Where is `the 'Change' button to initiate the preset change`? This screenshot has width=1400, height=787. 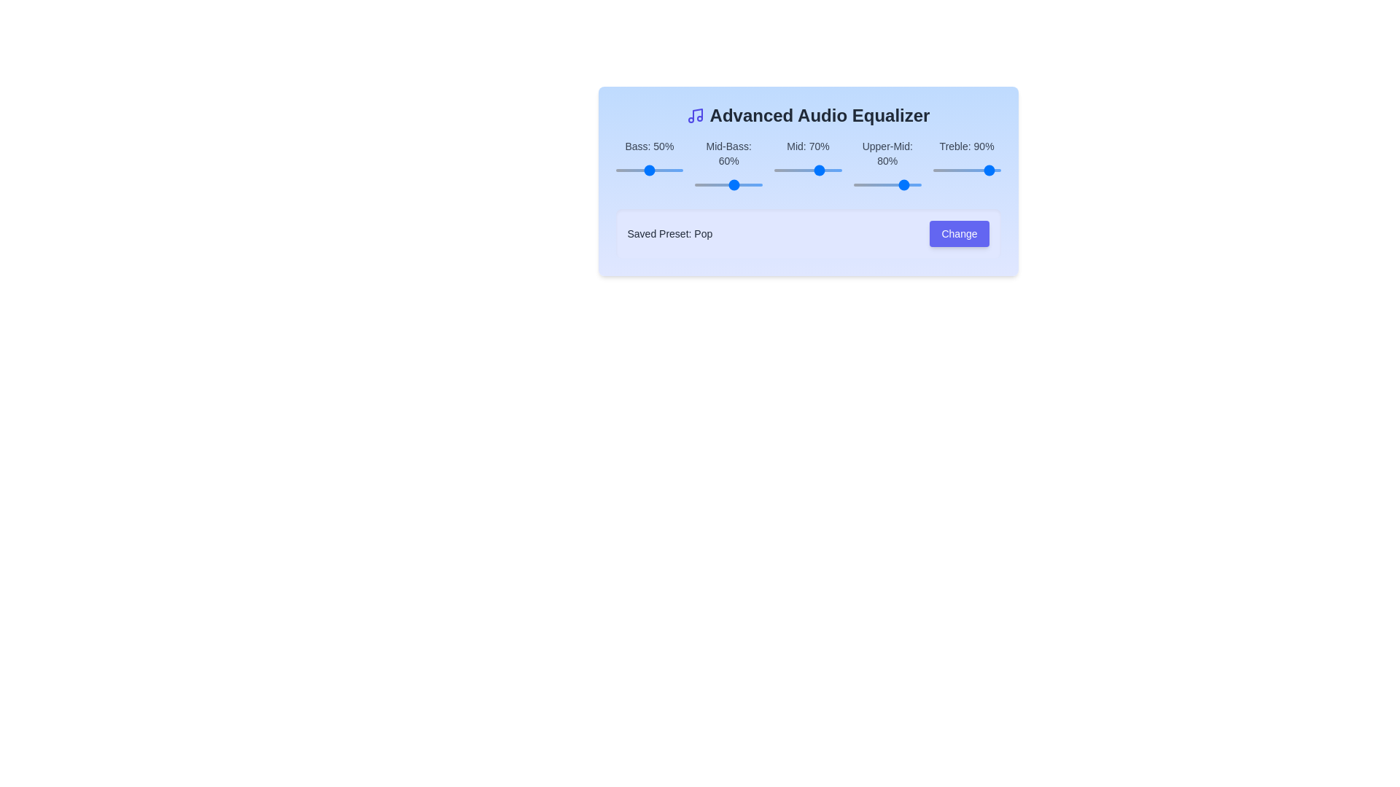 the 'Change' button to initiate the preset change is located at coordinates (959, 232).